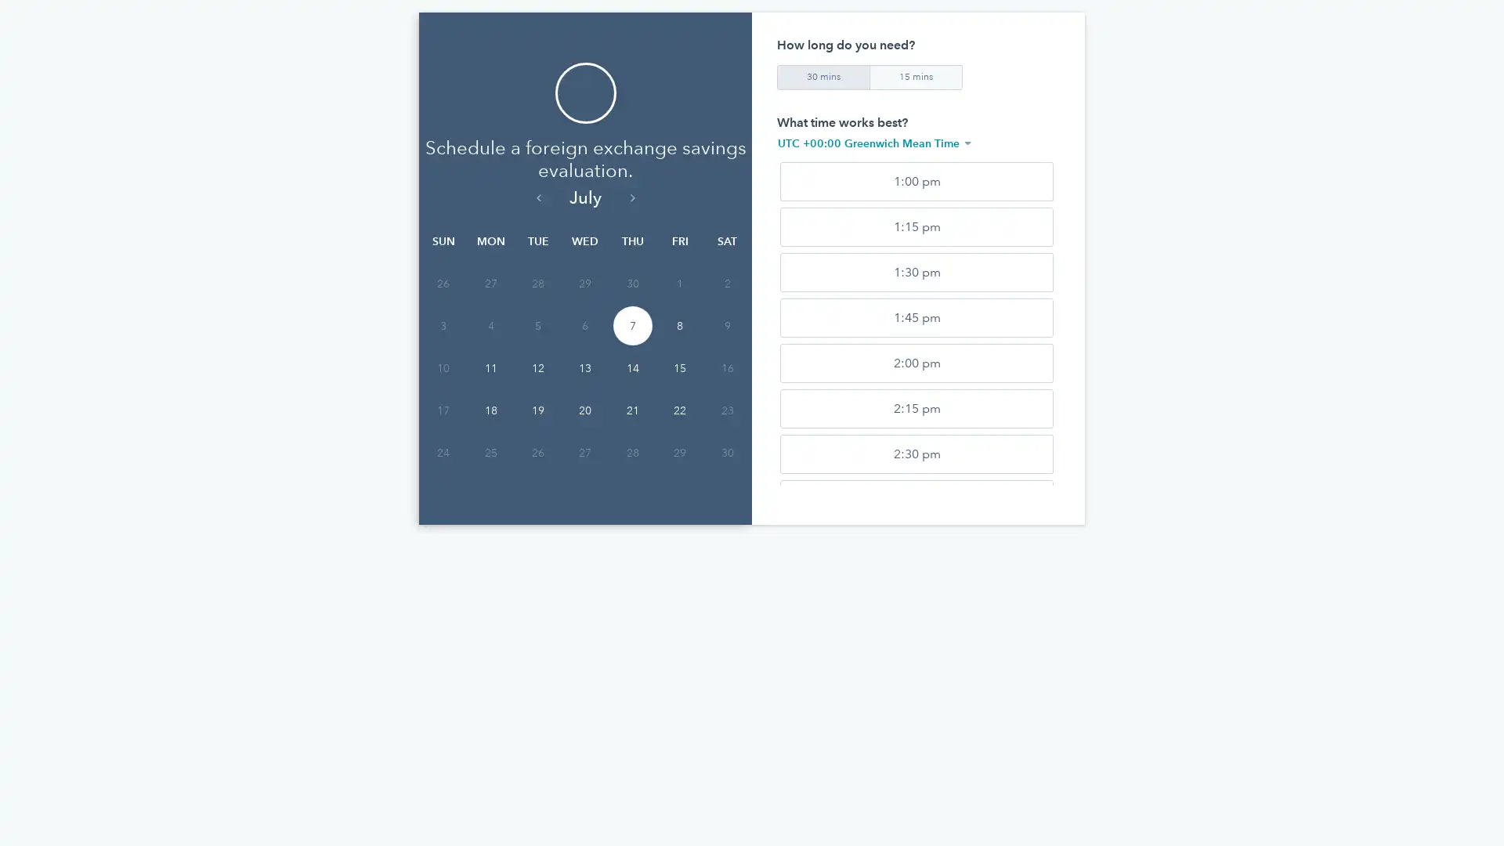 Image resolution: width=1504 pixels, height=846 pixels. Describe the element at coordinates (725, 410) in the screenshot. I see `July 23rd` at that location.